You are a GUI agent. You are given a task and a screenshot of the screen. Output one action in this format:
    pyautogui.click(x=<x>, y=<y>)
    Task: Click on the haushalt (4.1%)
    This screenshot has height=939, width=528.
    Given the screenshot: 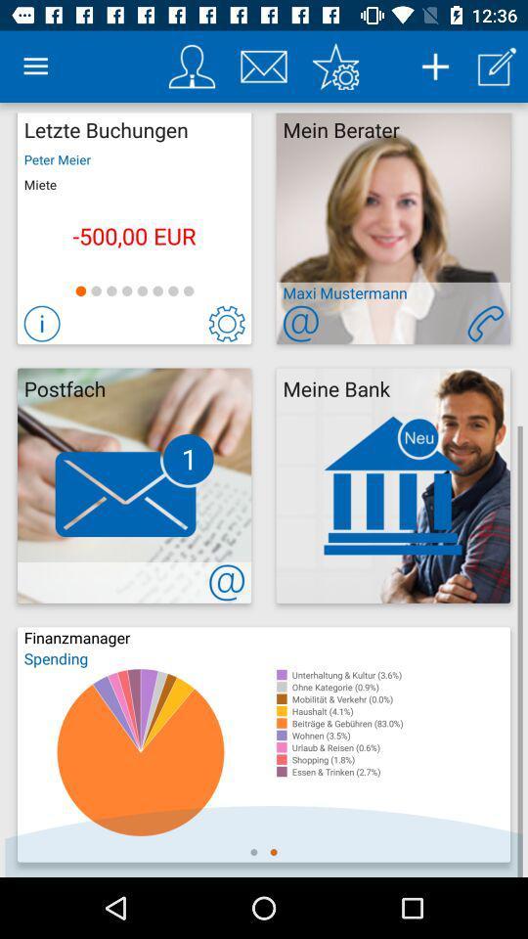 What is the action you would take?
    pyautogui.click(x=400, y=710)
    